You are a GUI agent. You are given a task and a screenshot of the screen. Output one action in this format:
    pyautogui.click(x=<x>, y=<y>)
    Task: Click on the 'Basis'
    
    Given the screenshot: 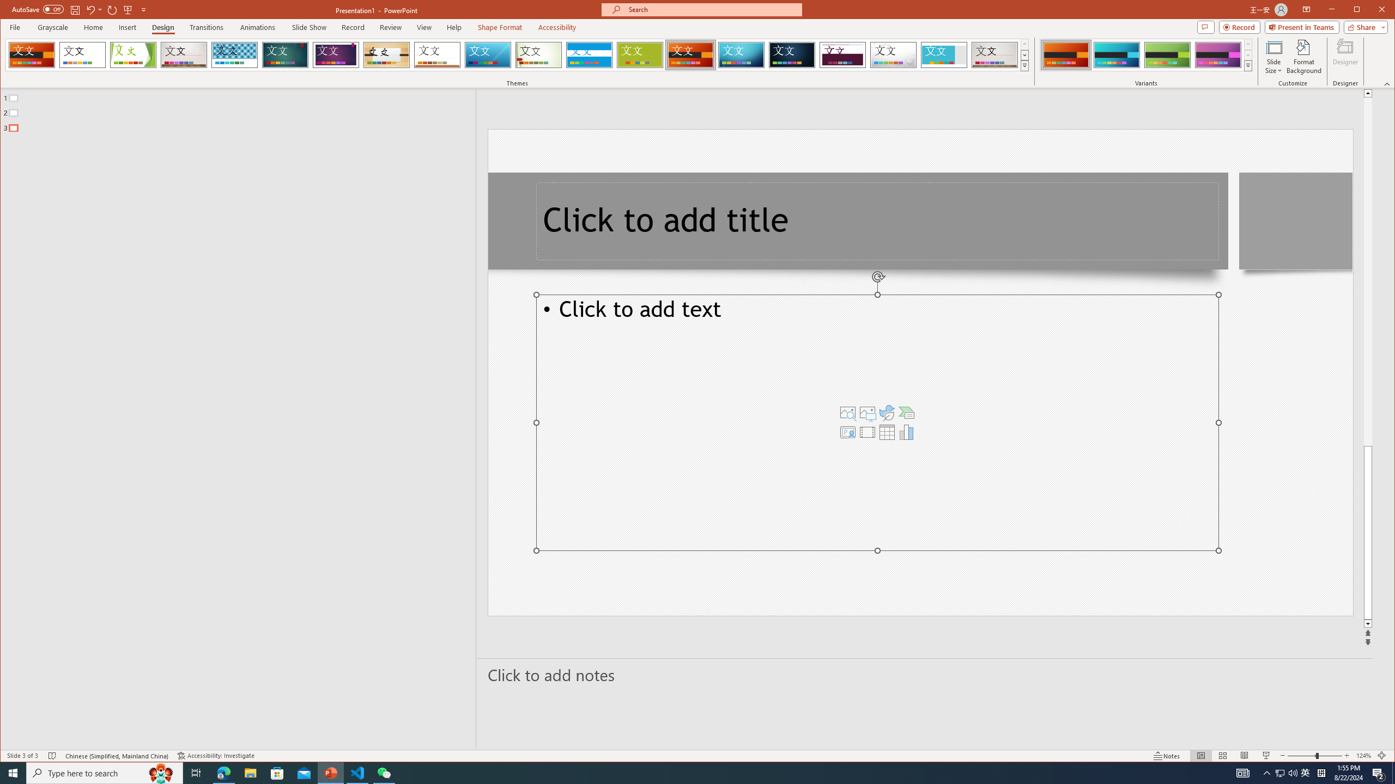 What is the action you would take?
    pyautogui.click(x=640, y=54)
    